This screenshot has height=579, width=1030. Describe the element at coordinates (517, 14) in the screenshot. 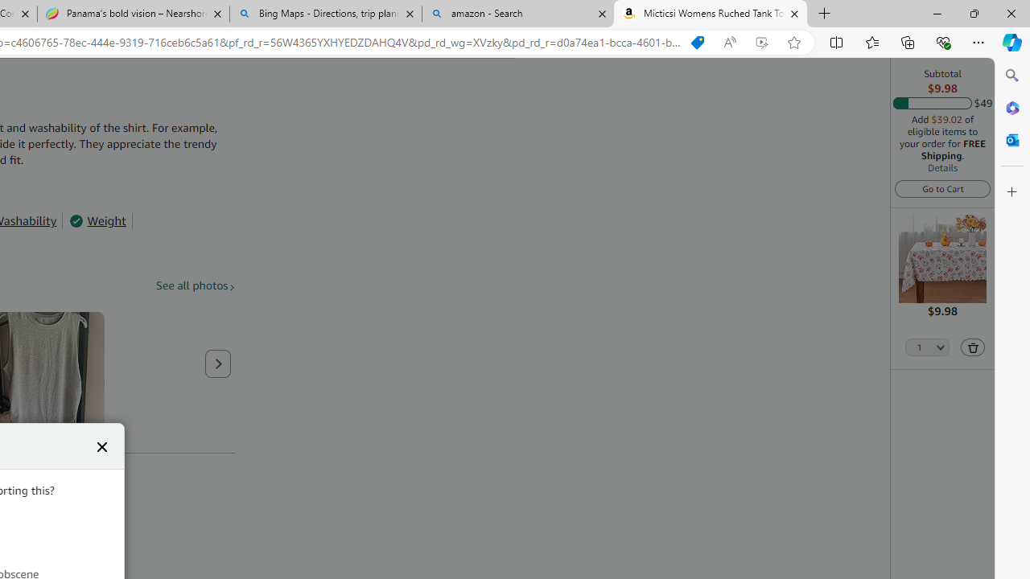

I see `'amazon - Search'` at that location.